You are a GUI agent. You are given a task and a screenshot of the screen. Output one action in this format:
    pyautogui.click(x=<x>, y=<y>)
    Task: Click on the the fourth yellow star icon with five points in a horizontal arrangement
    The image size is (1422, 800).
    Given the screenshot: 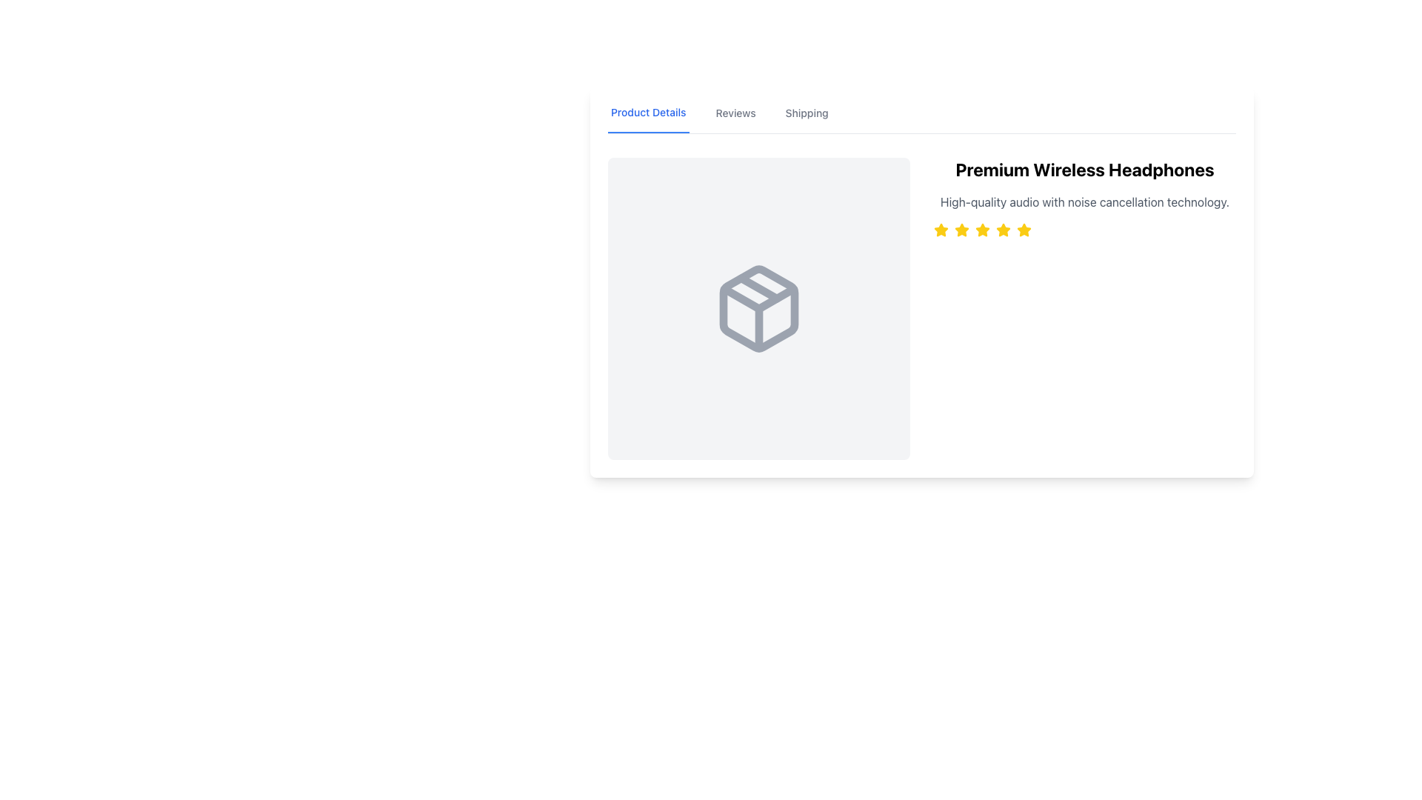 What is the action you would take?
    pyautogui.click(x=982, y=230)
    